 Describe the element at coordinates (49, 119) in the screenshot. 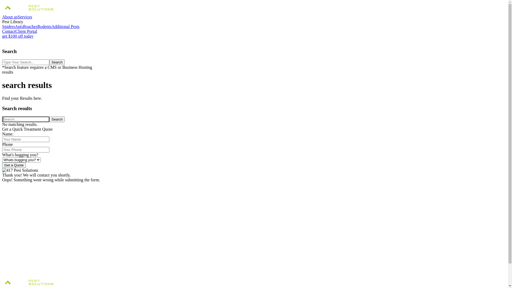

I see `'Search'` at that location.